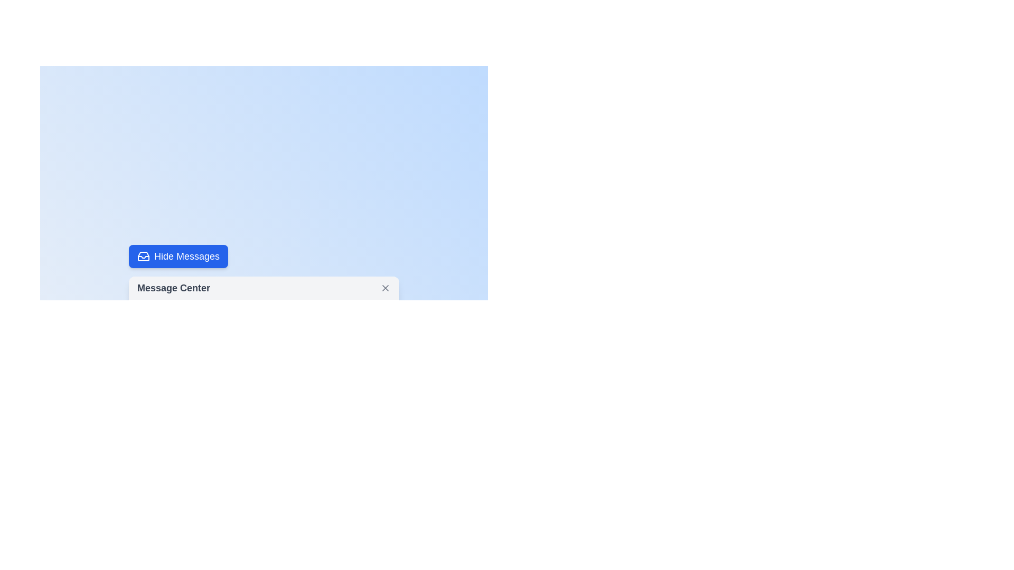 This screenshot has width=1014, height=570. Describe the element at coordinates (143, 256) in the screenshot. I see `the appearance of the blue inbox icon located to the left of the 'Hide Messages' button at the top of the interface` at that location.